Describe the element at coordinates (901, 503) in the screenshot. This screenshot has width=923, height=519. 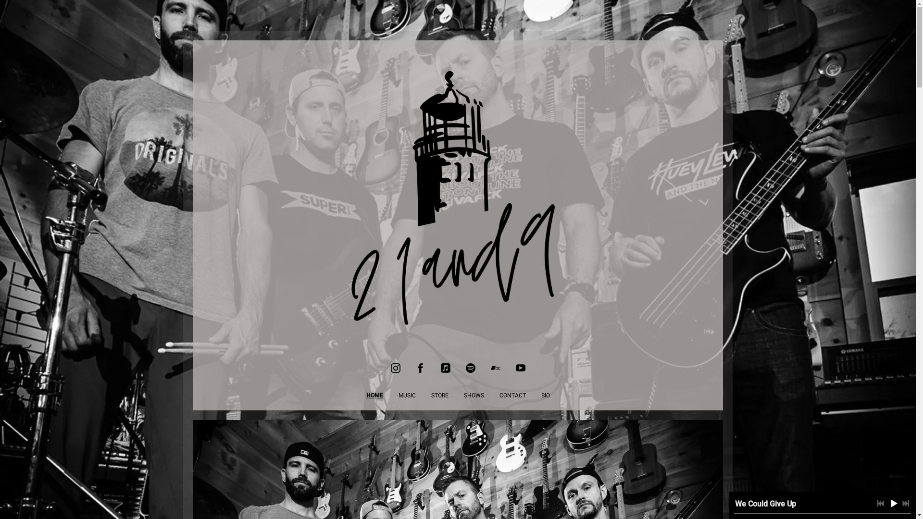
I see `'Next track'` at that location.